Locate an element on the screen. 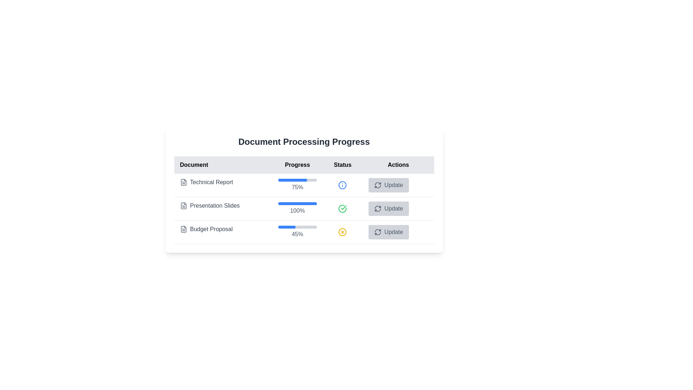 The image size is (693, 390). the 'Update' button in the 'Actions' column of the third row corresponding to 'Presentation Slides' is located at coordinates (398, 209).